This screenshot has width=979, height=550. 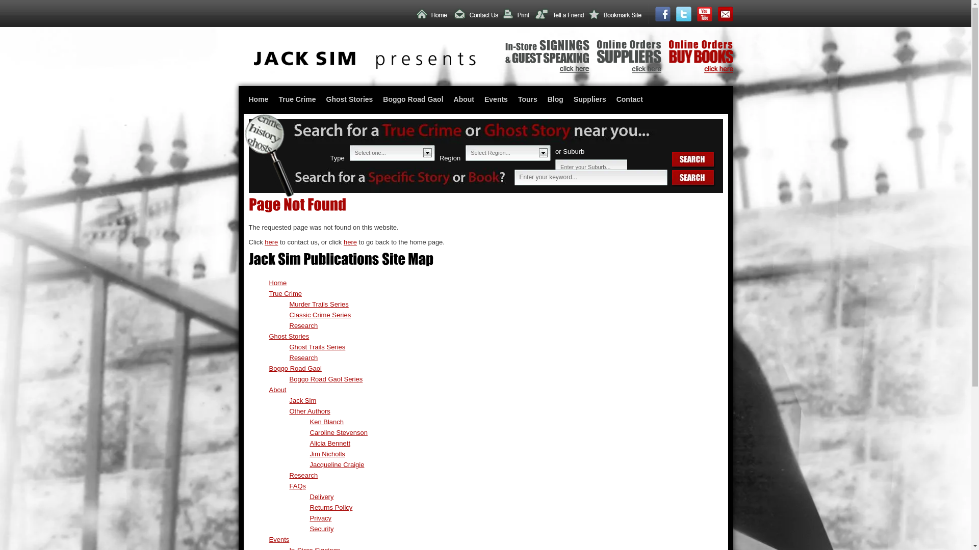 What do you see at coordinates (278, 390) in the screenshot?
I see `'About'` at bounding box center [278, 390].